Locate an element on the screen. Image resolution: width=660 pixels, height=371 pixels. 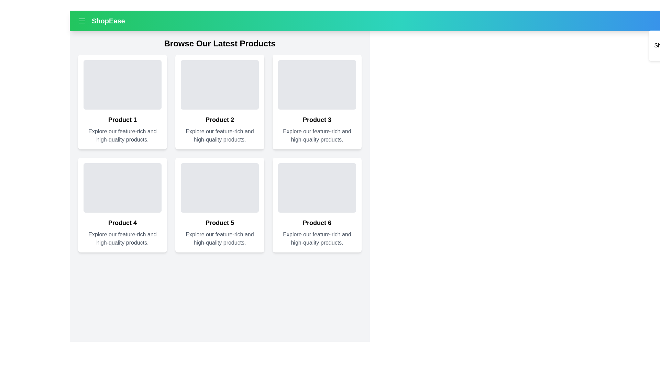
text content of the bold text element displaying 'Browse Our Latest Products' located at the top of the content area is located at coordinates (219, 44).